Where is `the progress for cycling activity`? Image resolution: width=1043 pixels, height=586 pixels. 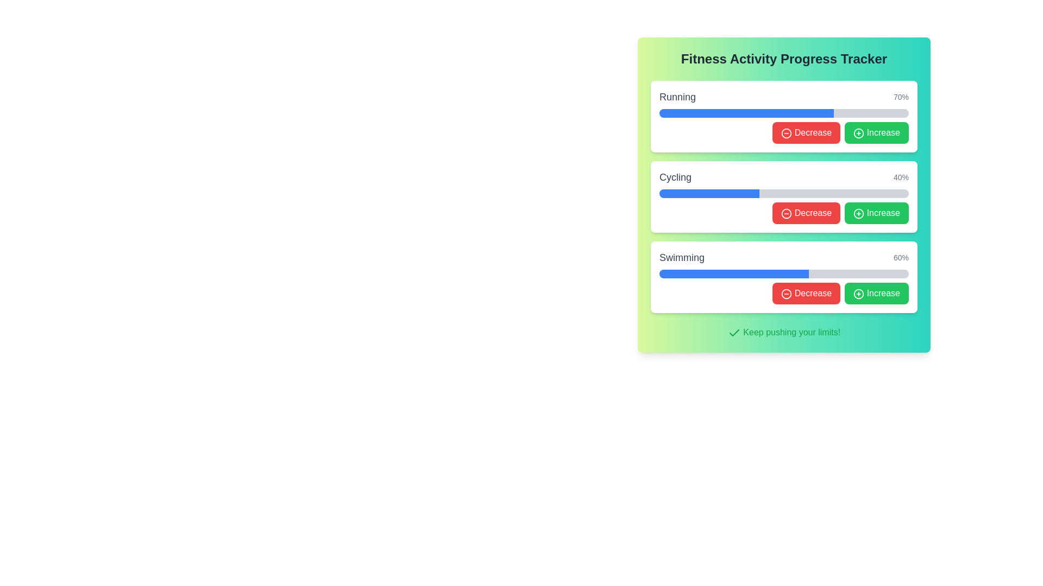 the progress for cycling activity is located at coordinates (748, 193).